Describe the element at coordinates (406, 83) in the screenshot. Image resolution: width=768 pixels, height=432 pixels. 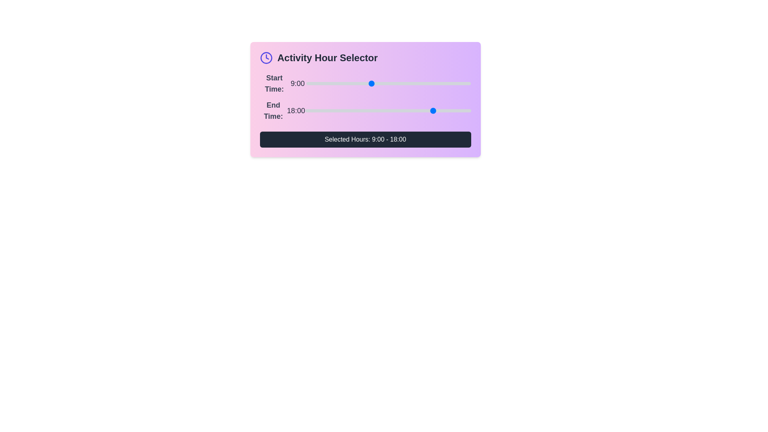
I see `the start time slider to set the hour to 14` at that location.